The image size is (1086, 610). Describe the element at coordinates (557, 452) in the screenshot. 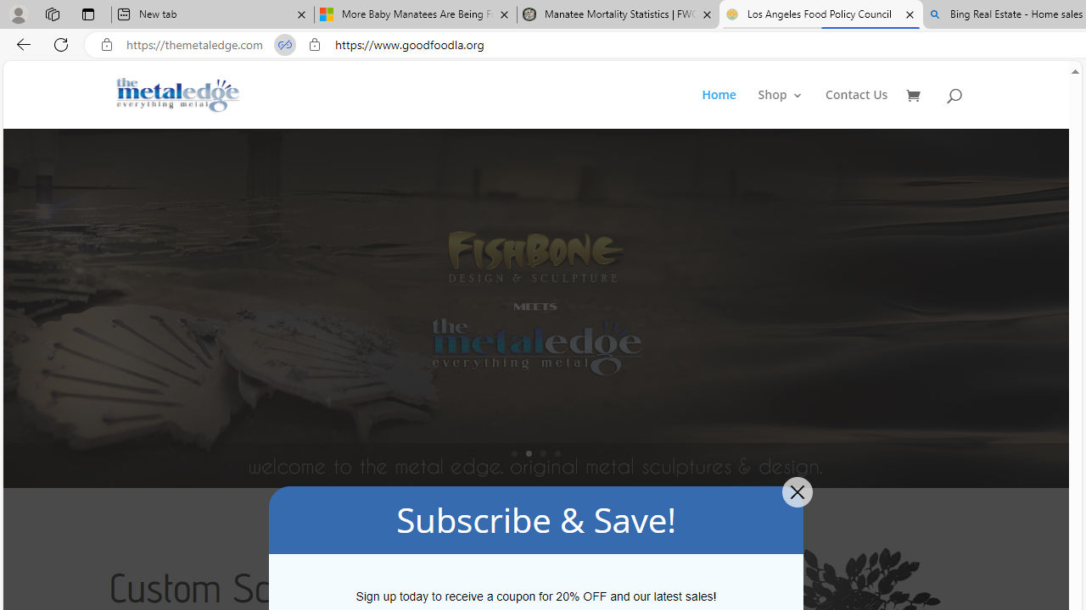

I see `'4'` at that location.